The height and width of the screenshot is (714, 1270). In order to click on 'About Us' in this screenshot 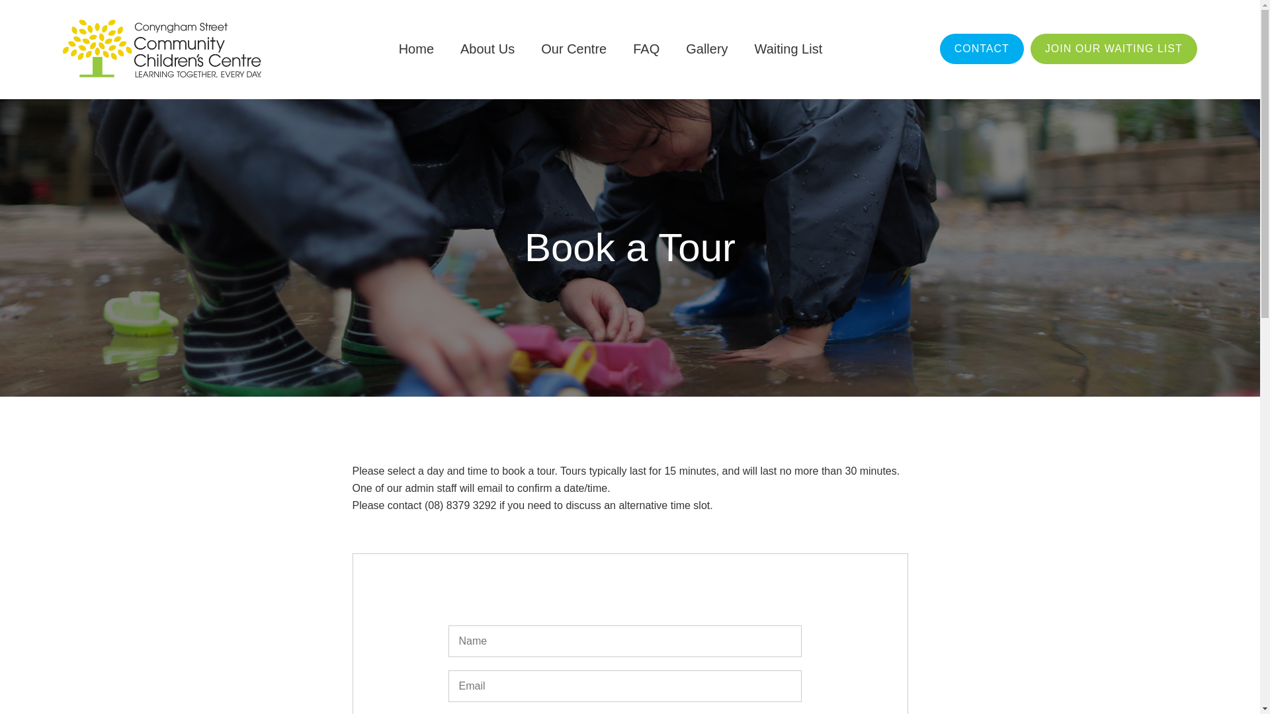, I will do `click(487, 48)`.